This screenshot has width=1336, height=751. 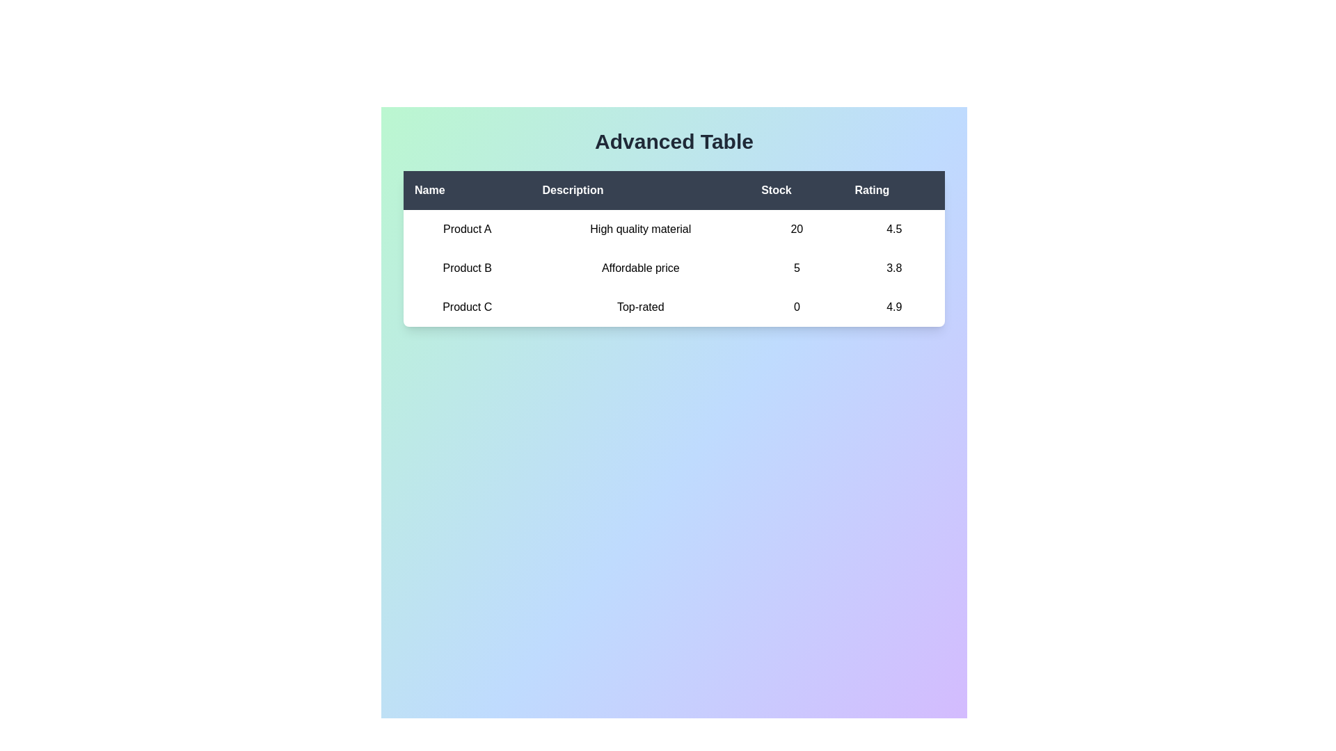 I want to click on the second row, so click(x=674, y=268).